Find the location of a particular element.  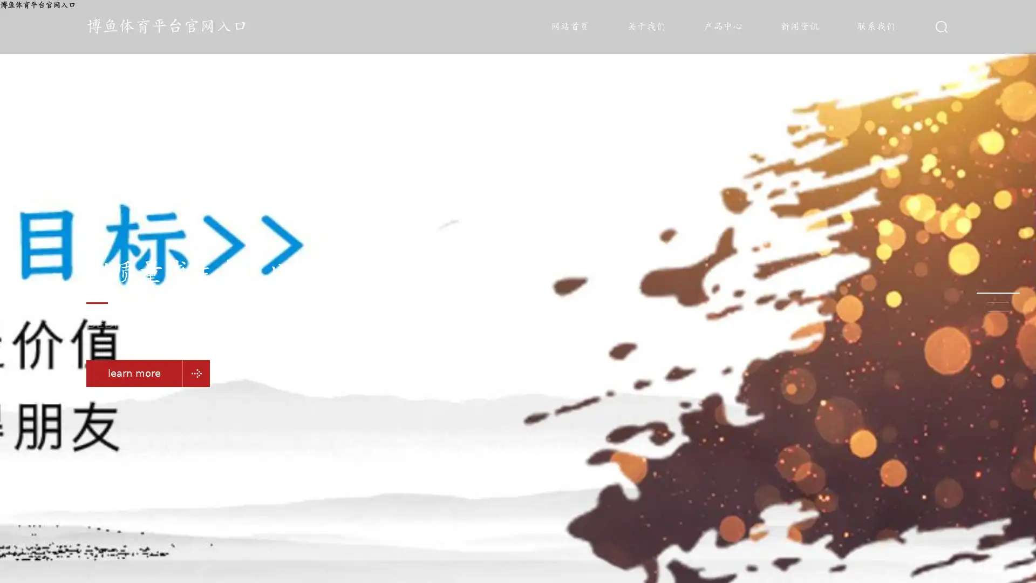

Go to slide 1 is located at coordinates (997, 293).